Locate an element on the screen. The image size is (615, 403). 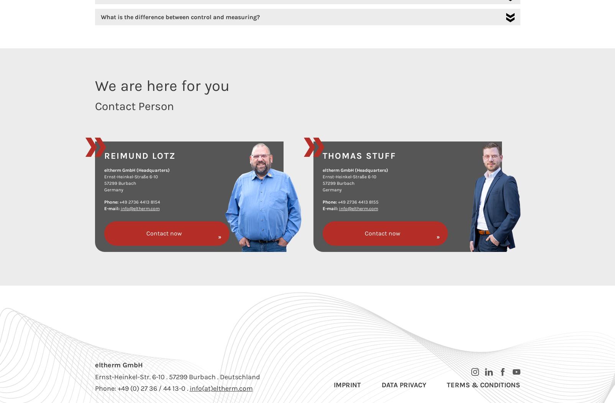
'Terms & Conditions' is located at coordinates (447, 385).